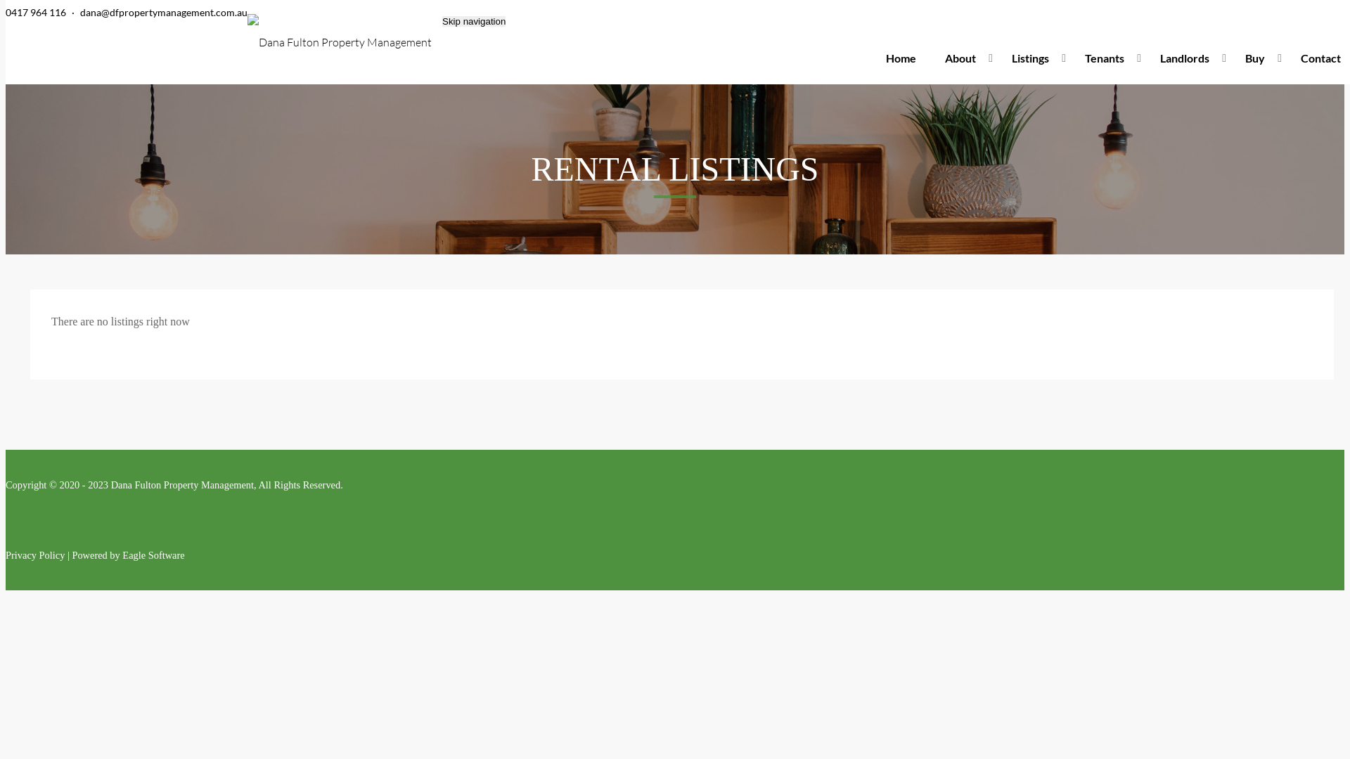  Describe the element at coordinates (963, 58) in the screenshot. I see `'About'` at that location.